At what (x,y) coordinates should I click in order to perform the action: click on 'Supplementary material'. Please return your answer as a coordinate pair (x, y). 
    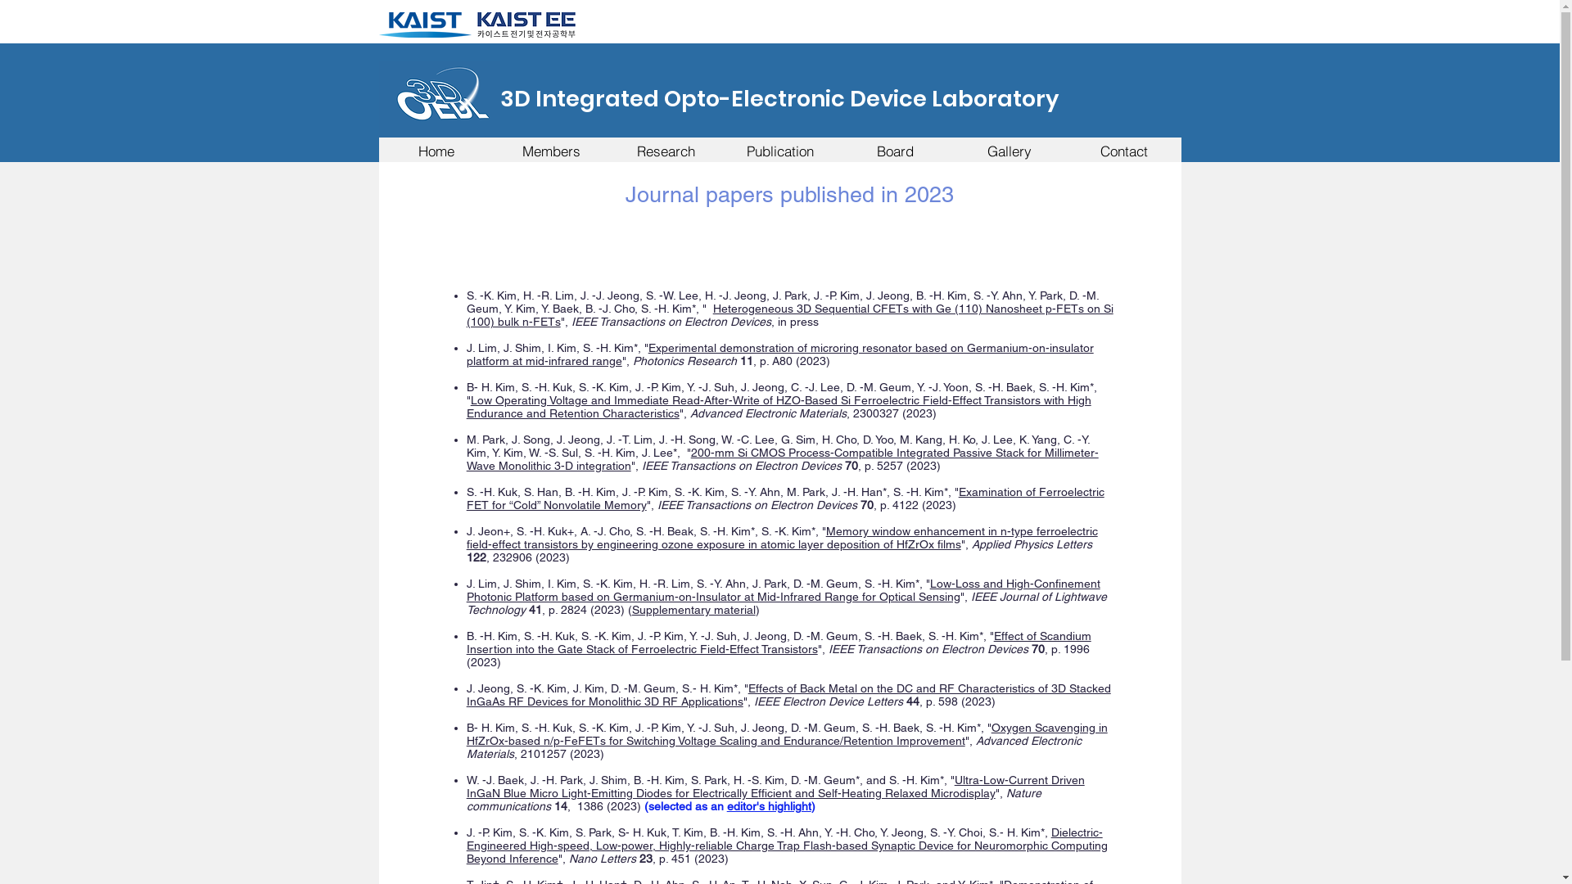
    Looking at the image, I should click on (693, 609).